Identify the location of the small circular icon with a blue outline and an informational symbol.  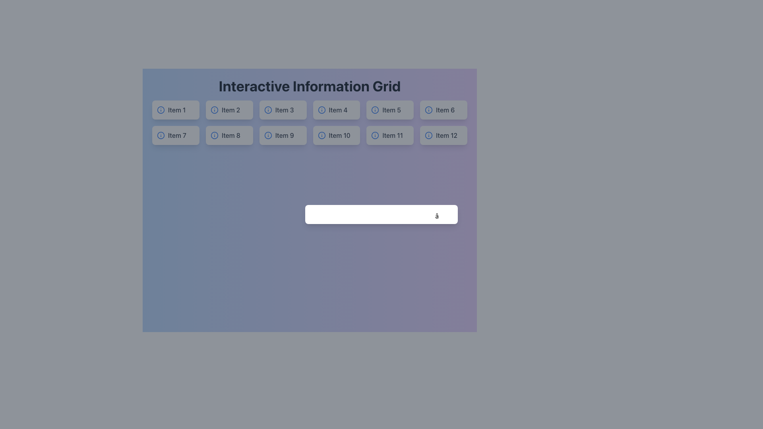
(160, 110).